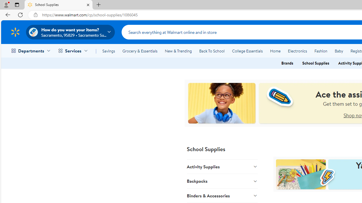 The height and width of the screenshot is (203, 362). Describe the element at coordinates (140, 51) in the screenshot. I see `'Grocery & Essentials'` at that location.